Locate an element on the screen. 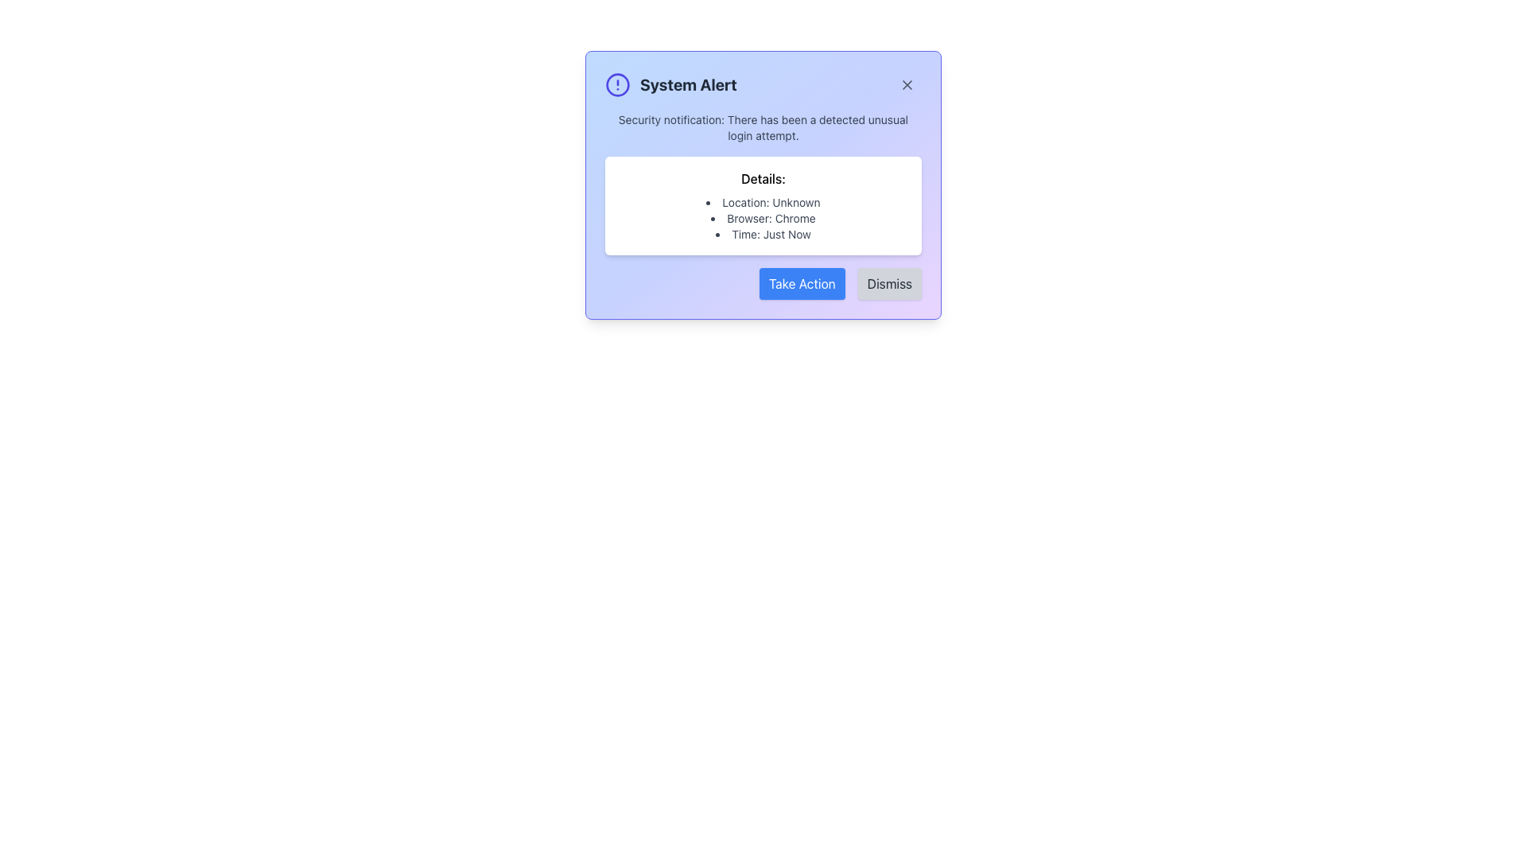 The width and height of the screenshot is (1527, 859). the rectangular button with rounded corners, blue background, and 'Take Action' text is located at coordinates (802, 283).